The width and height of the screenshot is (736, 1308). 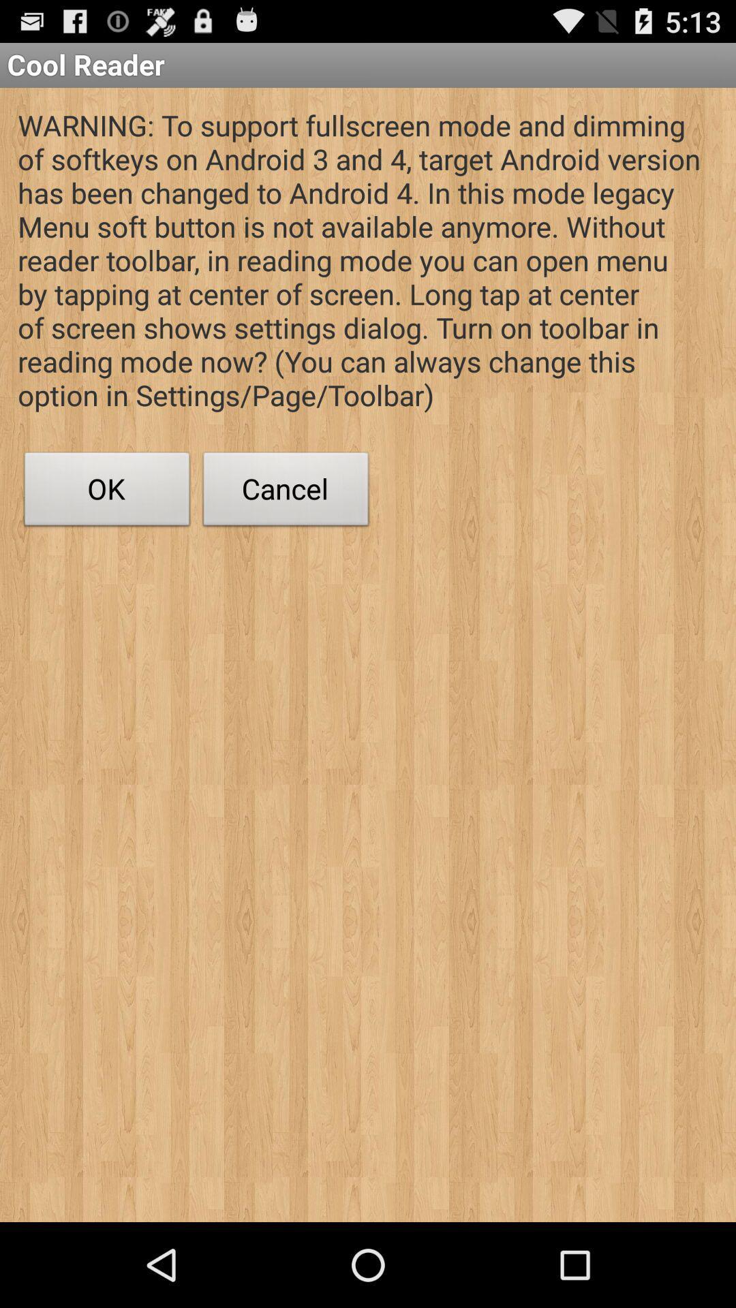 I want to click on the item at the center, so click(x=286, y=492).